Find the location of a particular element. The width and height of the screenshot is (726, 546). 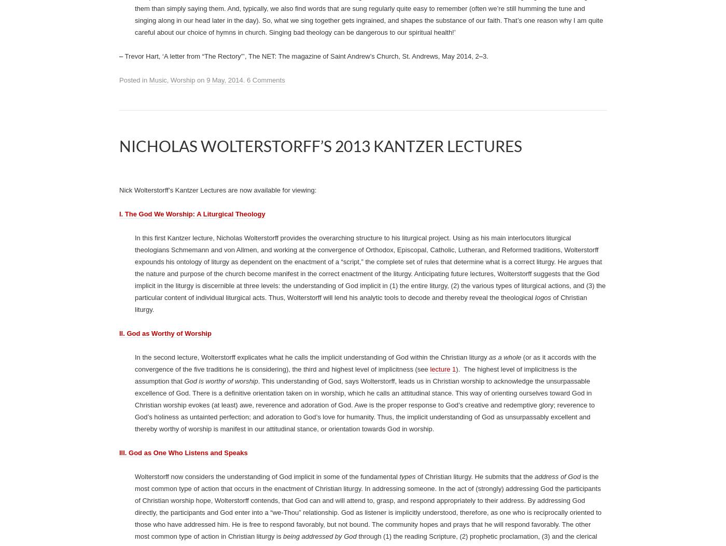

'Posted in' is located at coordinates (119, 244).